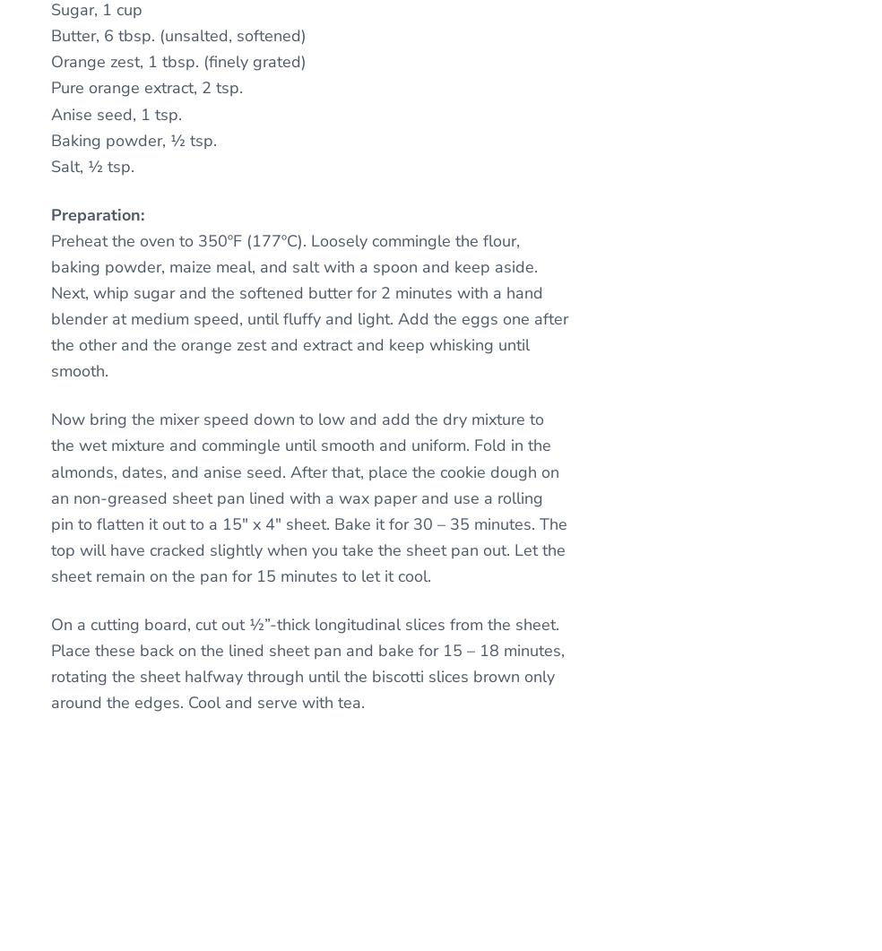 This screenshot has width=882, height=951. What do you see at coordinates (97, 213) in the screenshot?
I see `'Preparation:'` at bounding box center [97, 213].